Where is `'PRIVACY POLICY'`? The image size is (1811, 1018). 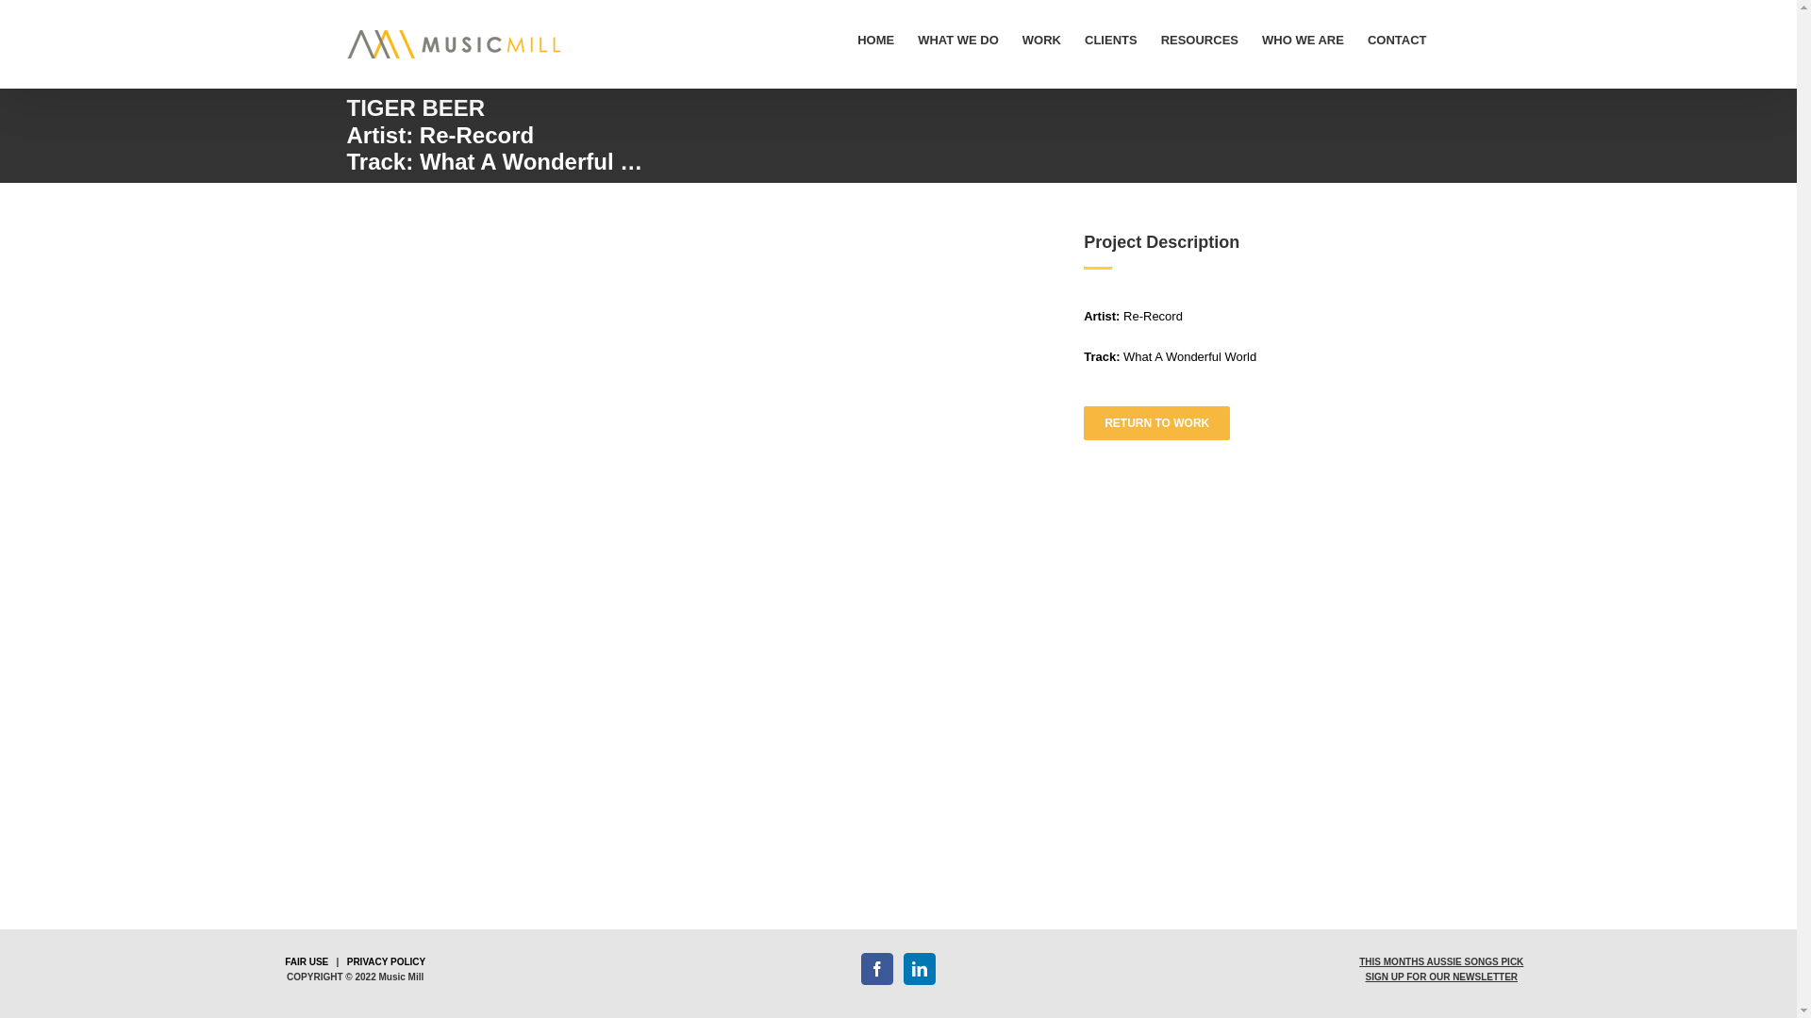 'PRIVACY POLICY' is located at coordinates (385, 961).